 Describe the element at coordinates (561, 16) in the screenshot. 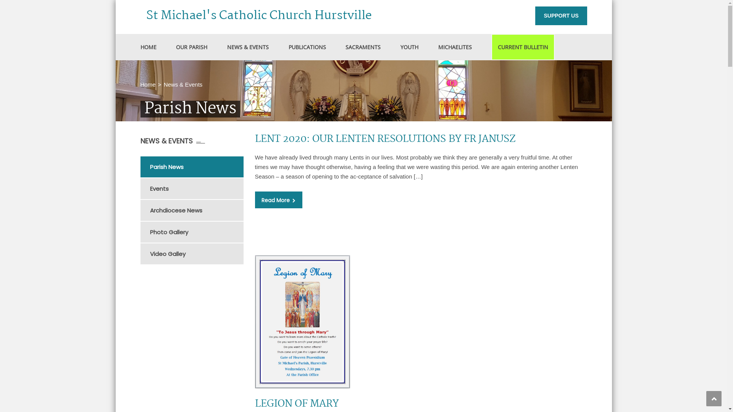

I see `'SUPPORT US'` at that location.